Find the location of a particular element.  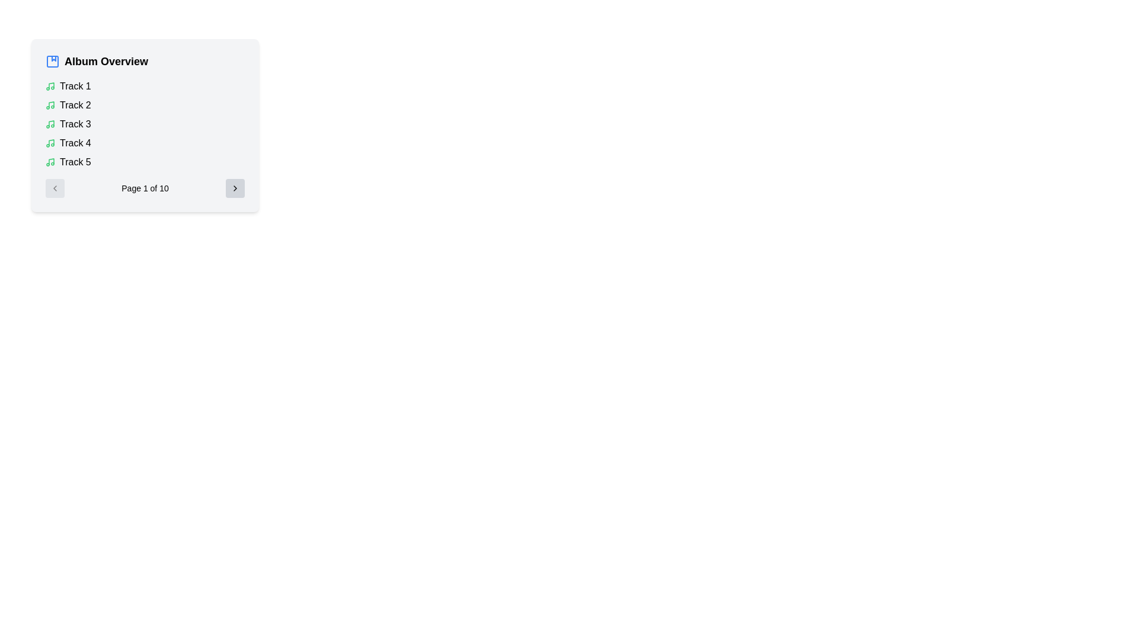

the 'Track 2' label located in the 'Album Overview' section is located at coordinates (75, 104).